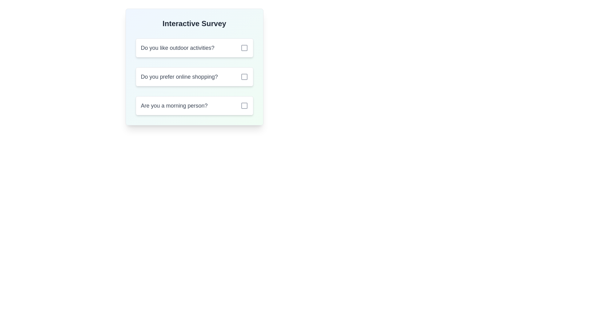 The height and width of the screenshot is (332, 591). I want to click on the text label that asks 'Are you a morning person?', which is styled in gray color and has medium font weight, so click(174, 105).